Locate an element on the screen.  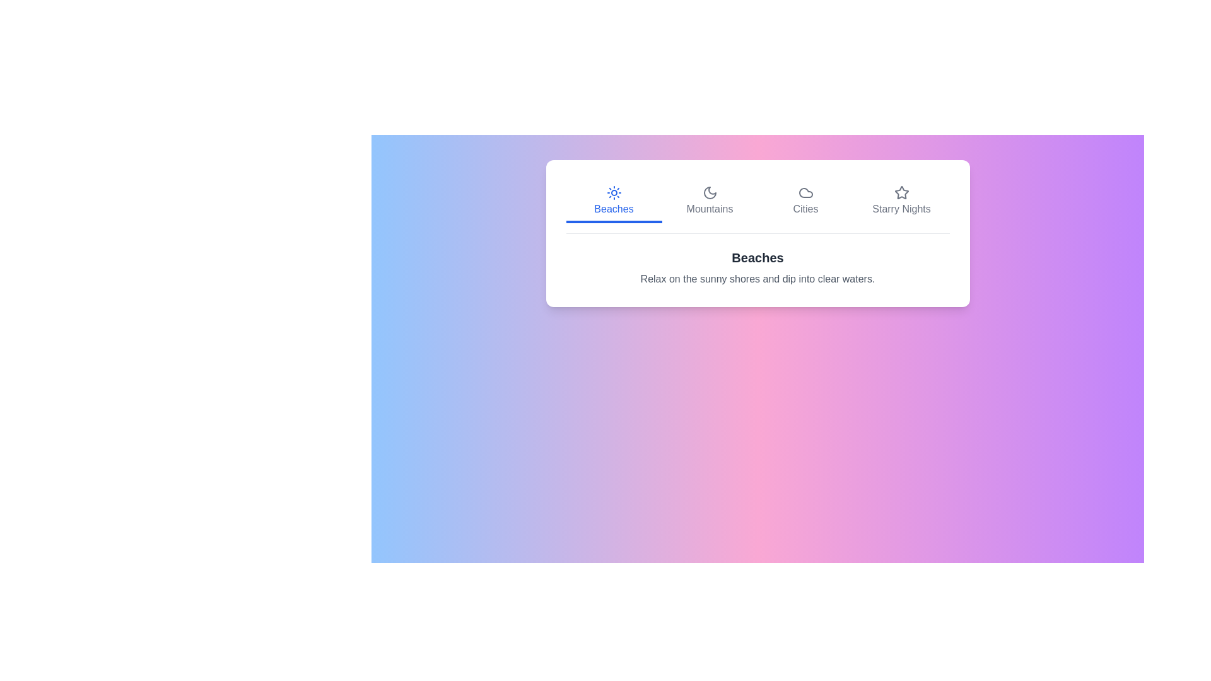
the category Cities by clicking its button is located at coordinates (805, 201).